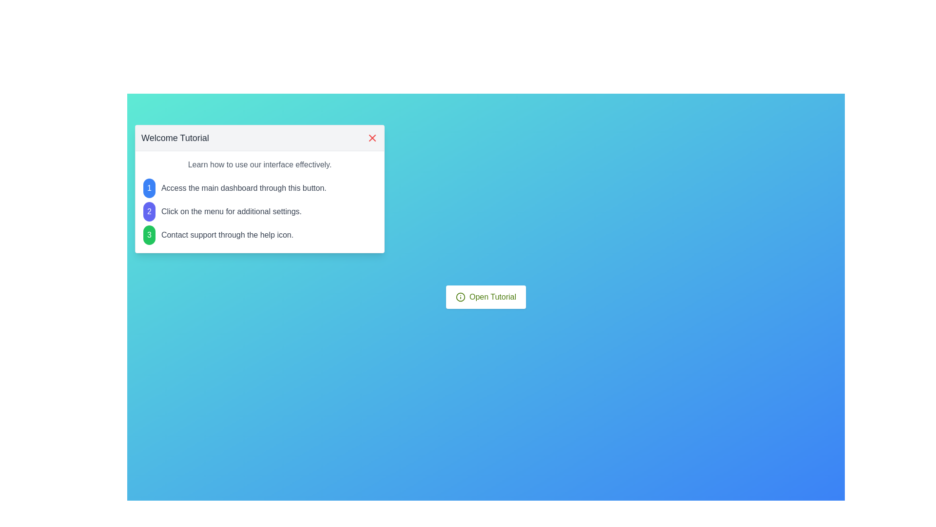 The image size is (936, 527). Describe the element at coordinates (371, 138) in the screenshot. I see `the red 'X' icon button in the top-right corner of the 'Welcome Tutorial' popup` at that location.